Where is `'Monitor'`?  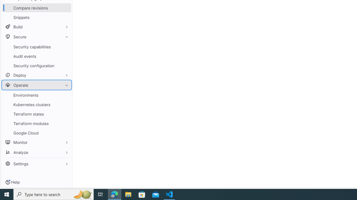 'Monitor' is located at coordinates (36, 142).